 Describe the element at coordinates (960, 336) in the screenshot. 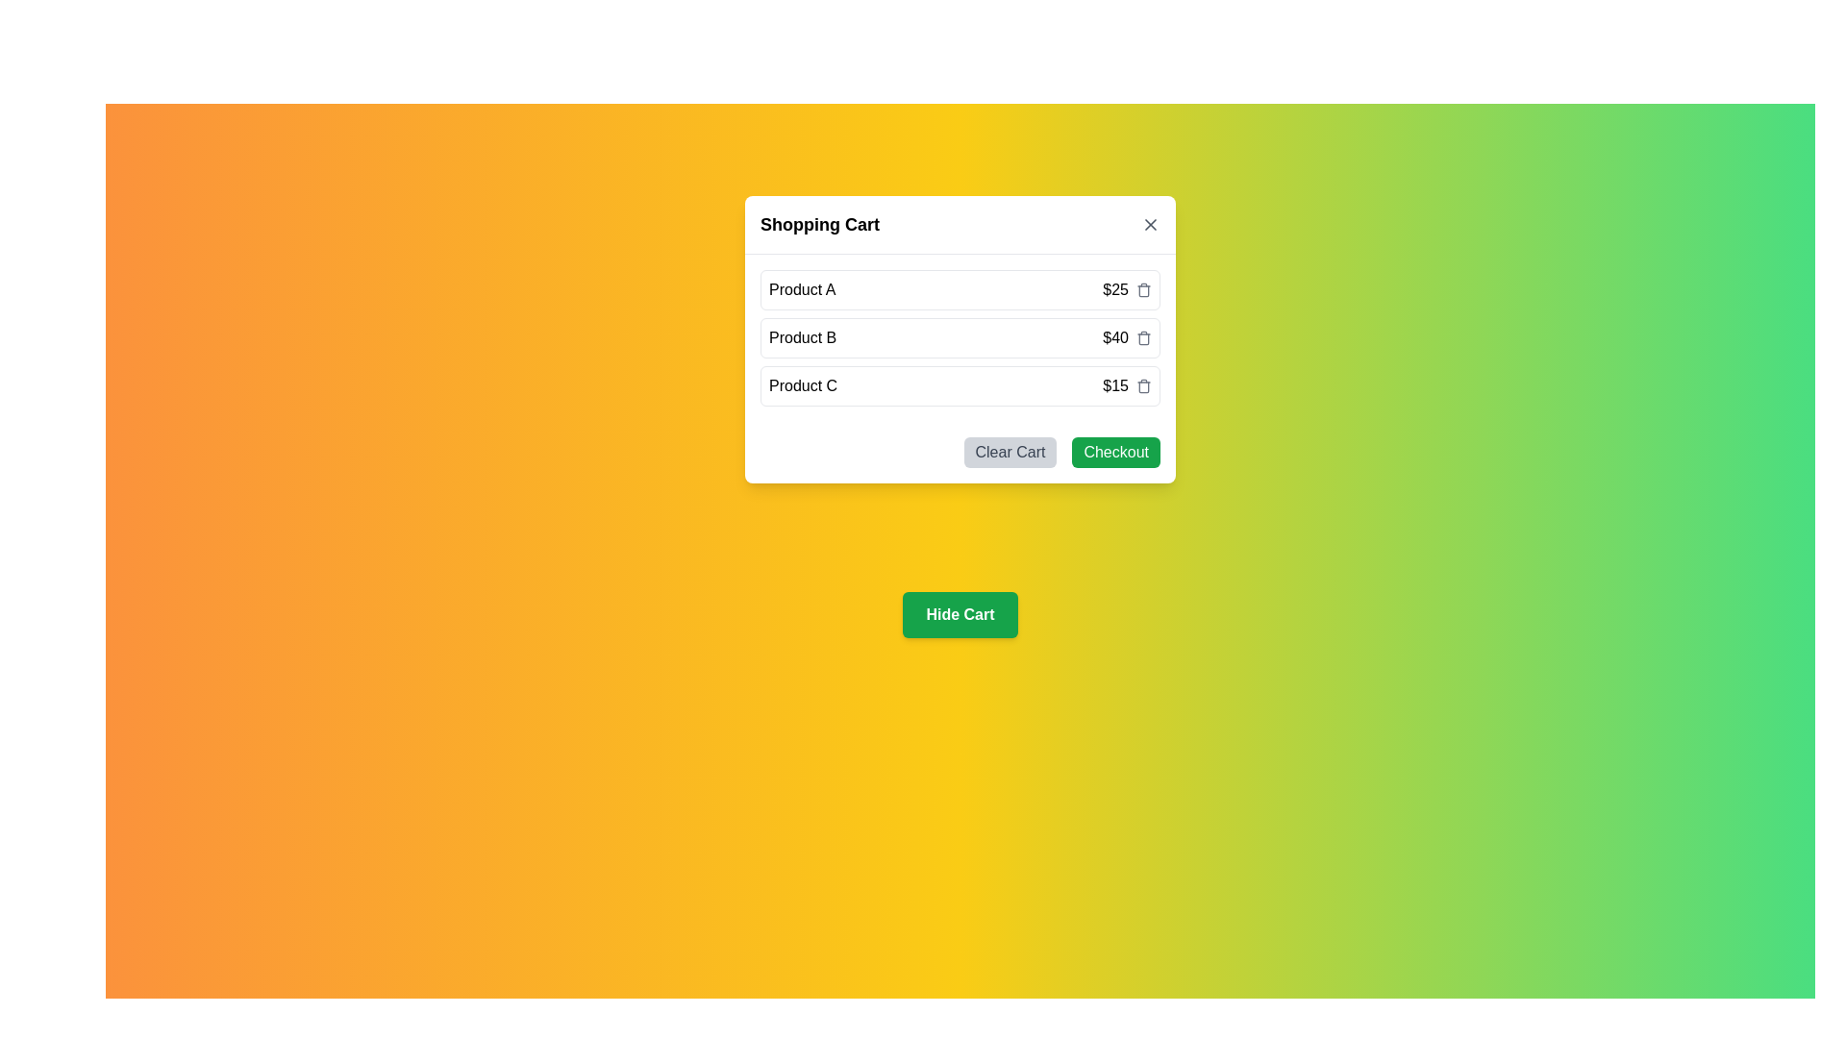

I see `the list of products displayed in the shopping cart modal, which is centrally located below the 'Shopping Cart' header` at that location.